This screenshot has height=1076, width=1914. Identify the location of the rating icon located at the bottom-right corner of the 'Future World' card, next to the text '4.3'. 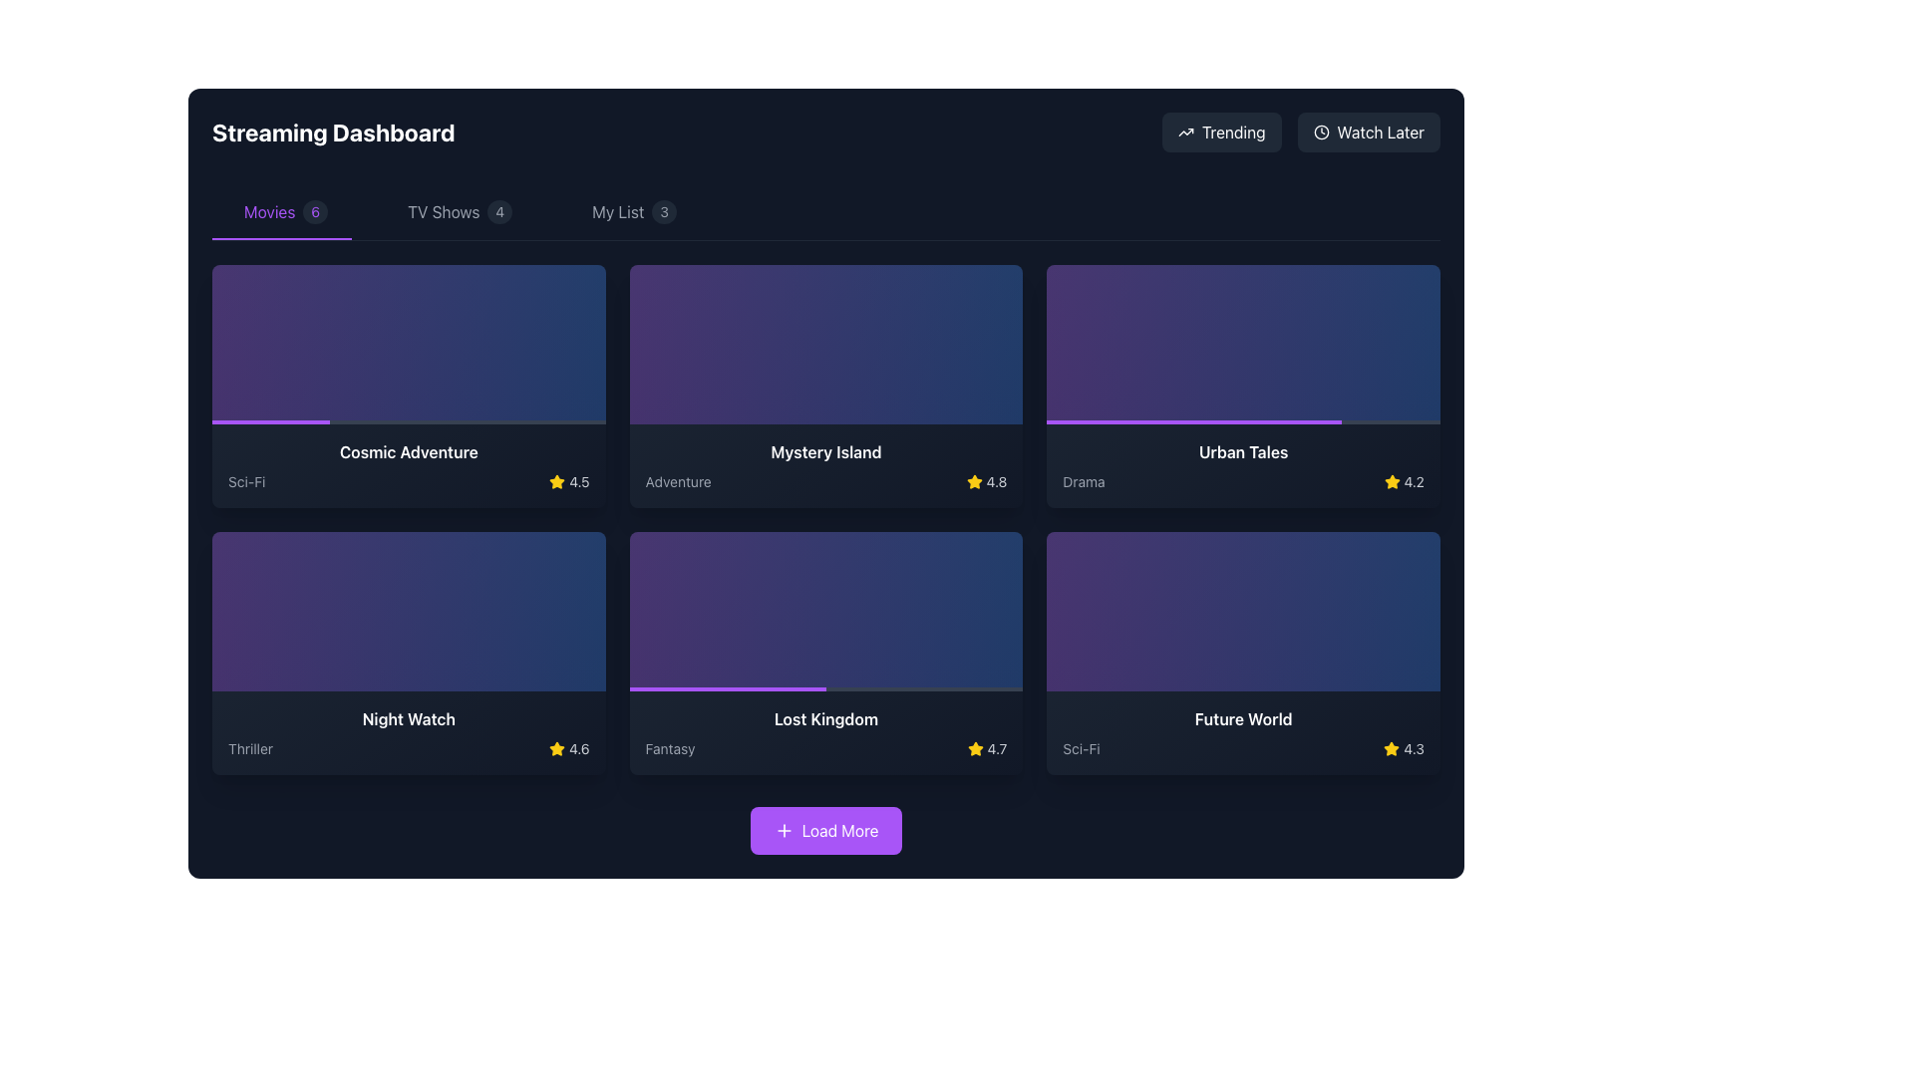
(1391, 749).